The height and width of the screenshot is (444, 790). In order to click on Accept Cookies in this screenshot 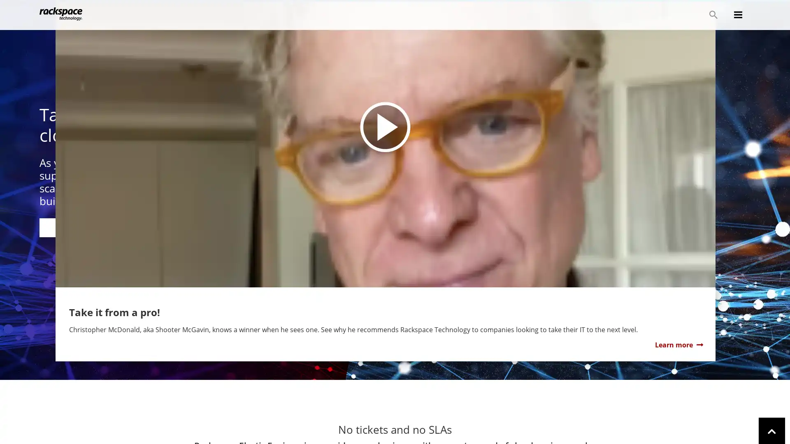, I will do `click(656, 426)`.